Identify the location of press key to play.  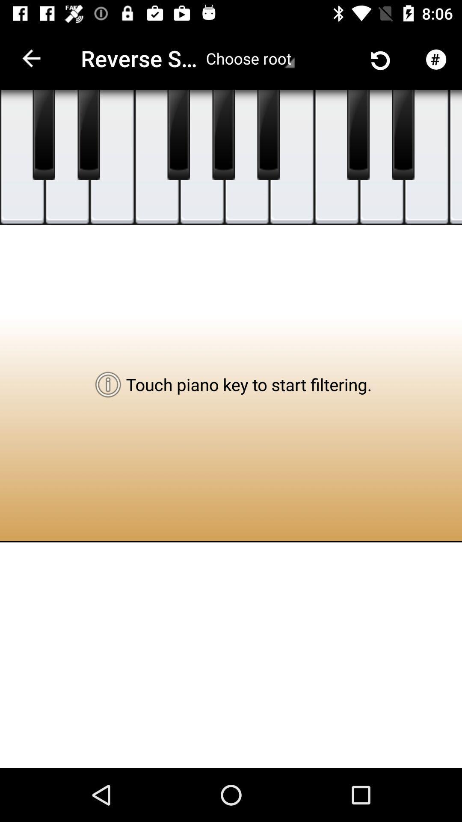
(178, 134).